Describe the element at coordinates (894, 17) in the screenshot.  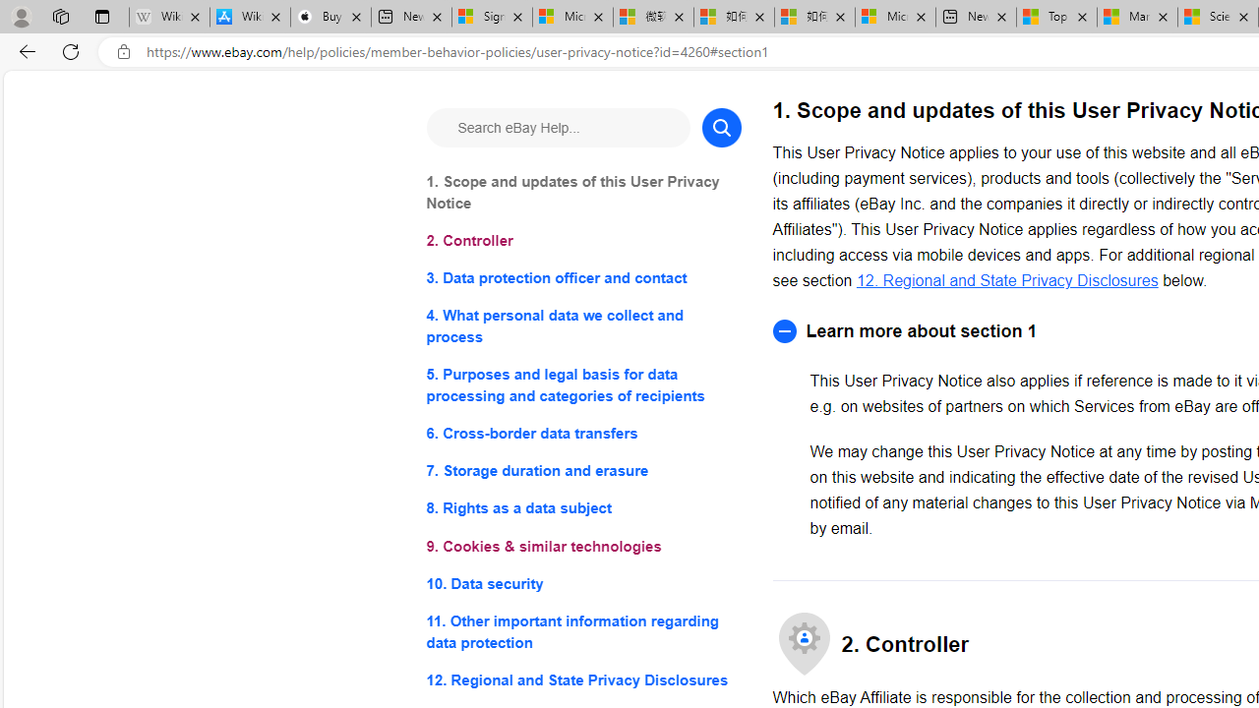
I see `'Microsoft account | Account Checkup'` at that location.